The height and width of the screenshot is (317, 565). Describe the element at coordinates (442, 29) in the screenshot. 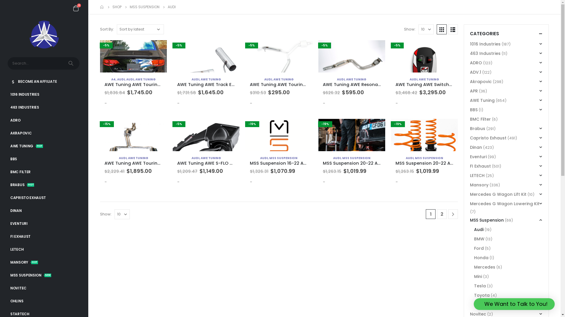

I see `'Grid View'` at that location.